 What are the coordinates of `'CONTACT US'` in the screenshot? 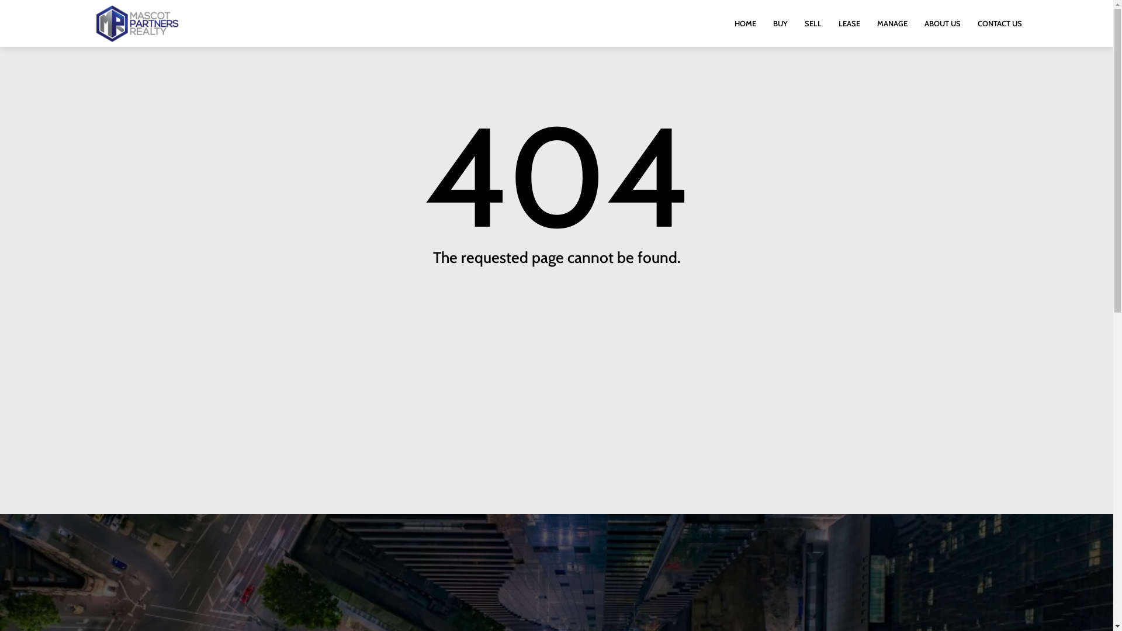 It's located at (999, 23).